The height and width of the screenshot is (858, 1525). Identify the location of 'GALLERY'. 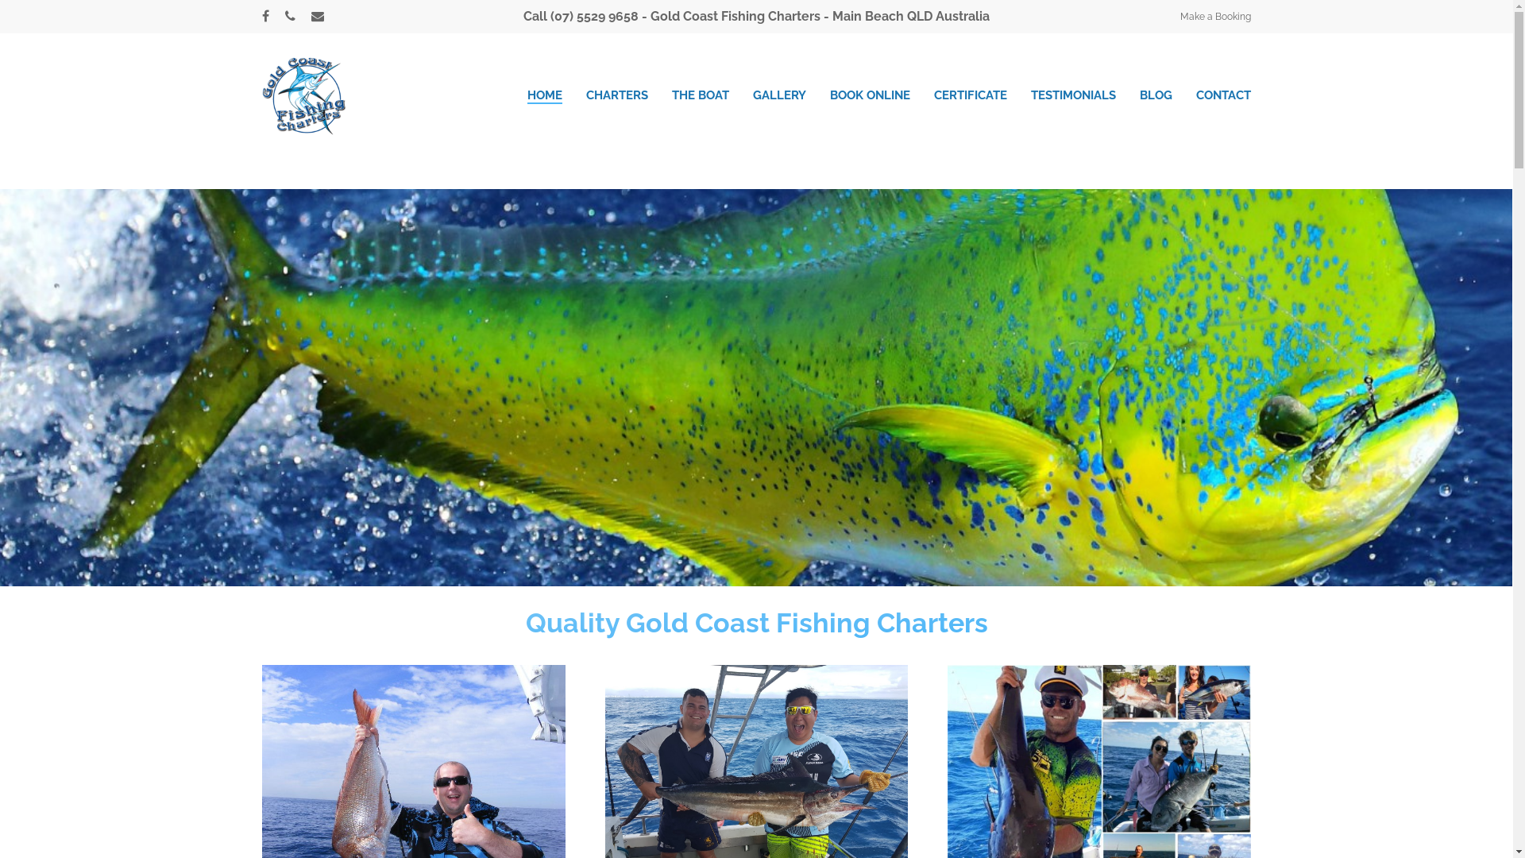
(779, 95).